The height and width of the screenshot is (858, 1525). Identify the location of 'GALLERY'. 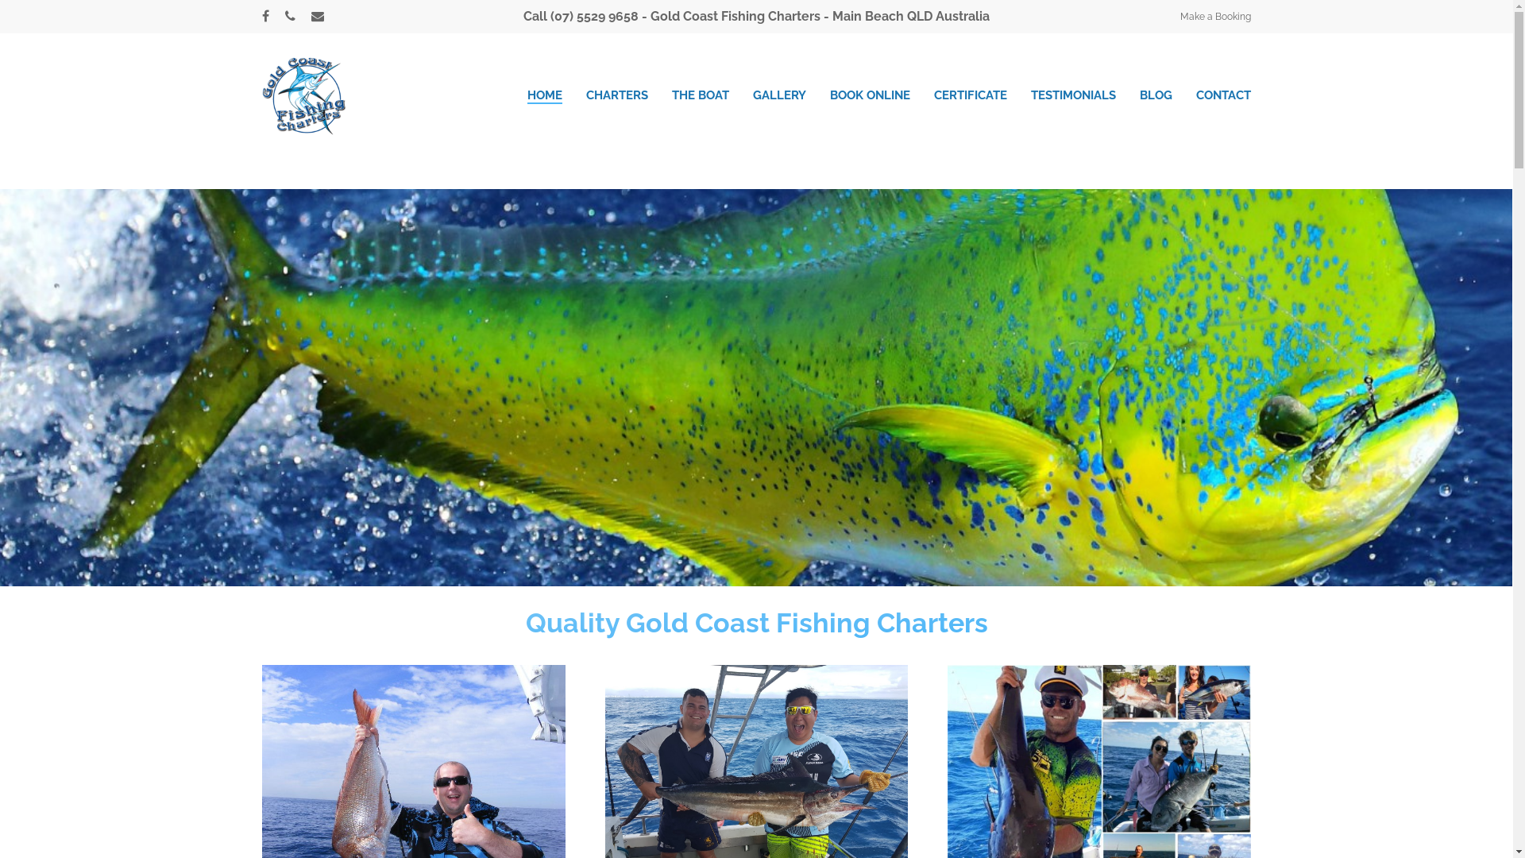
(779, 95).